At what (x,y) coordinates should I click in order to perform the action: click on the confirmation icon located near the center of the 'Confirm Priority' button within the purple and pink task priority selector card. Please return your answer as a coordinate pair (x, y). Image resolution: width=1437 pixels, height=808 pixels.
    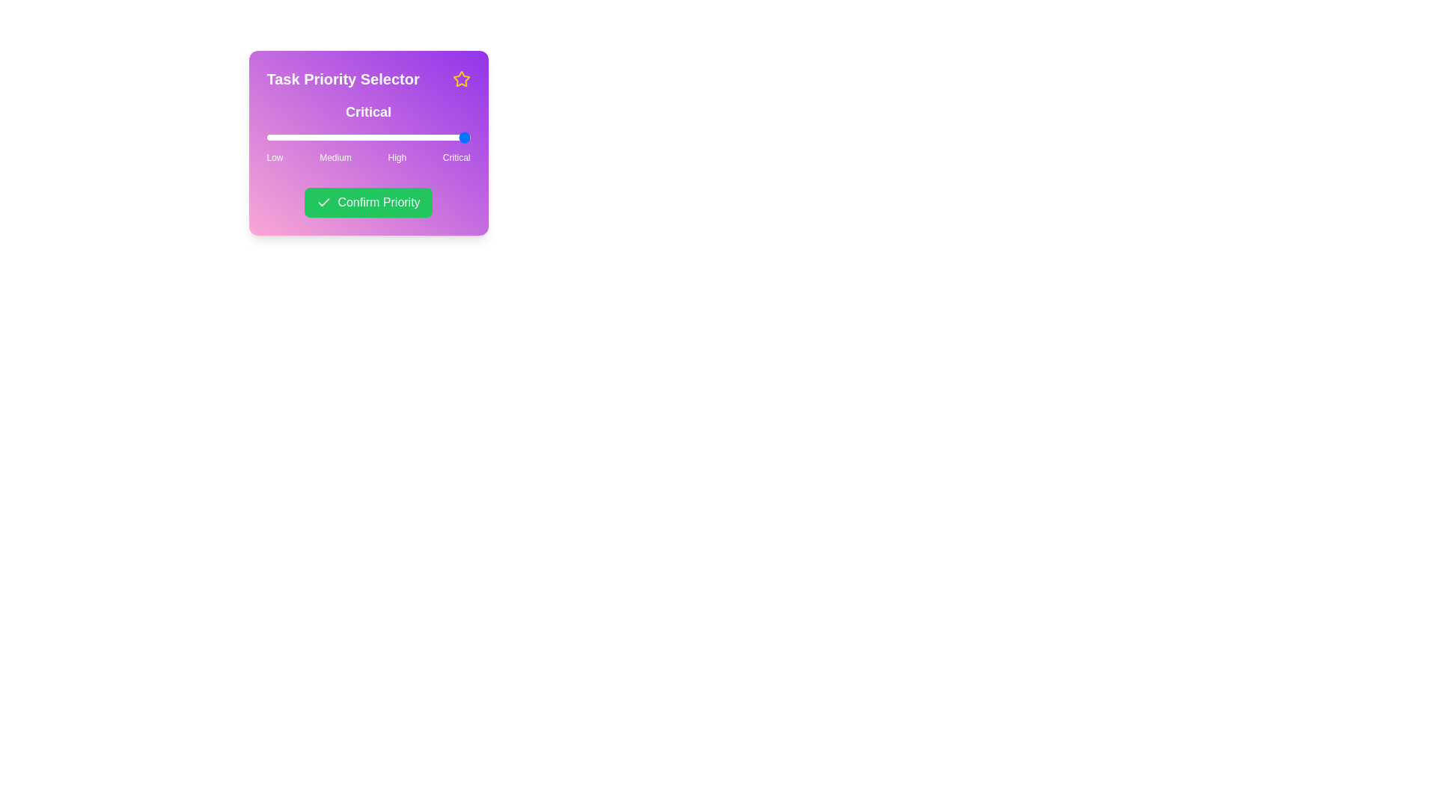
    Looking at the image, I should click on (323, 202).